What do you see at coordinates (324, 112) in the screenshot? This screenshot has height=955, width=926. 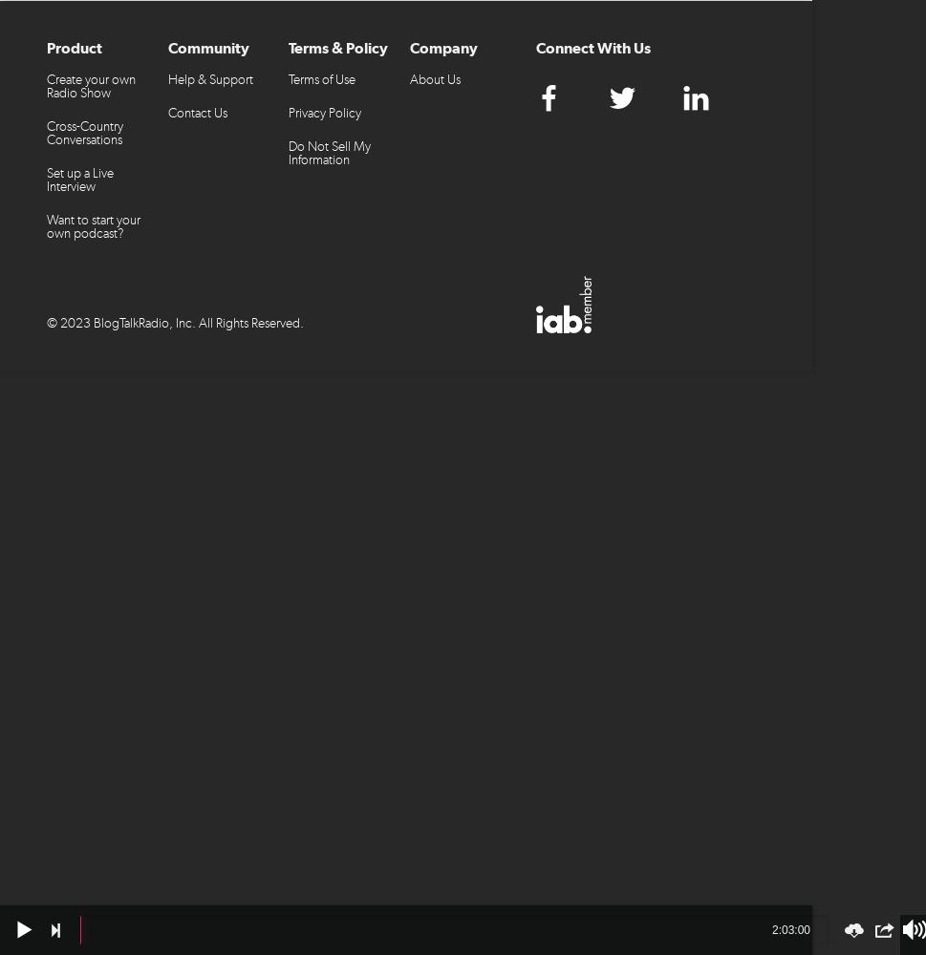 I see `'Privacy Policy'` at bounding box center [324, 112].